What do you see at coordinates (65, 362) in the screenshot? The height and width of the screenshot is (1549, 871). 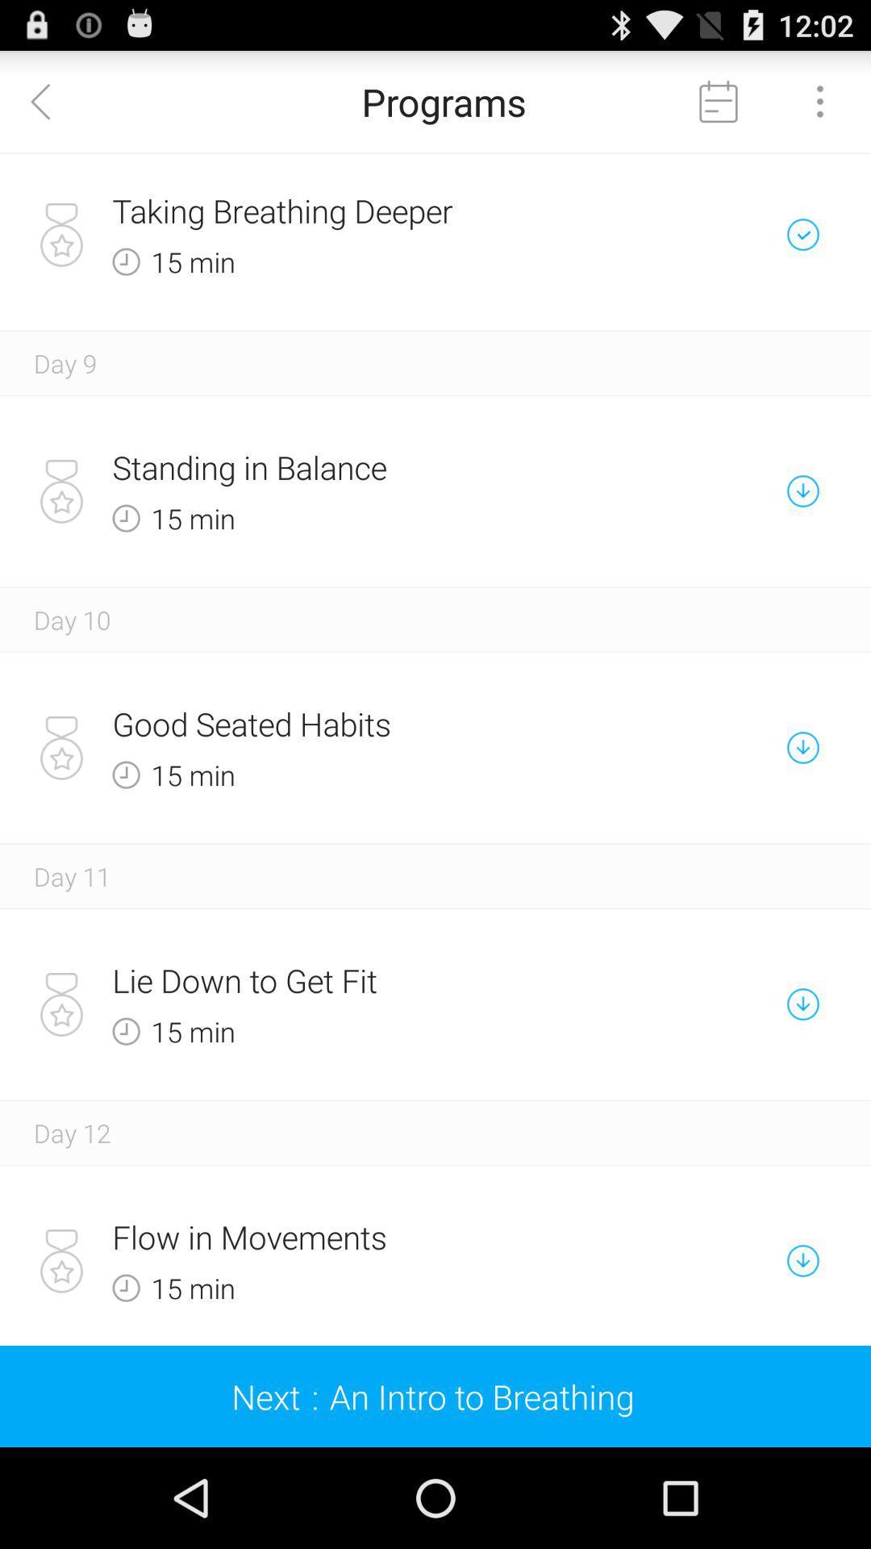 I see `day 9` at bounding box center [65, 362].